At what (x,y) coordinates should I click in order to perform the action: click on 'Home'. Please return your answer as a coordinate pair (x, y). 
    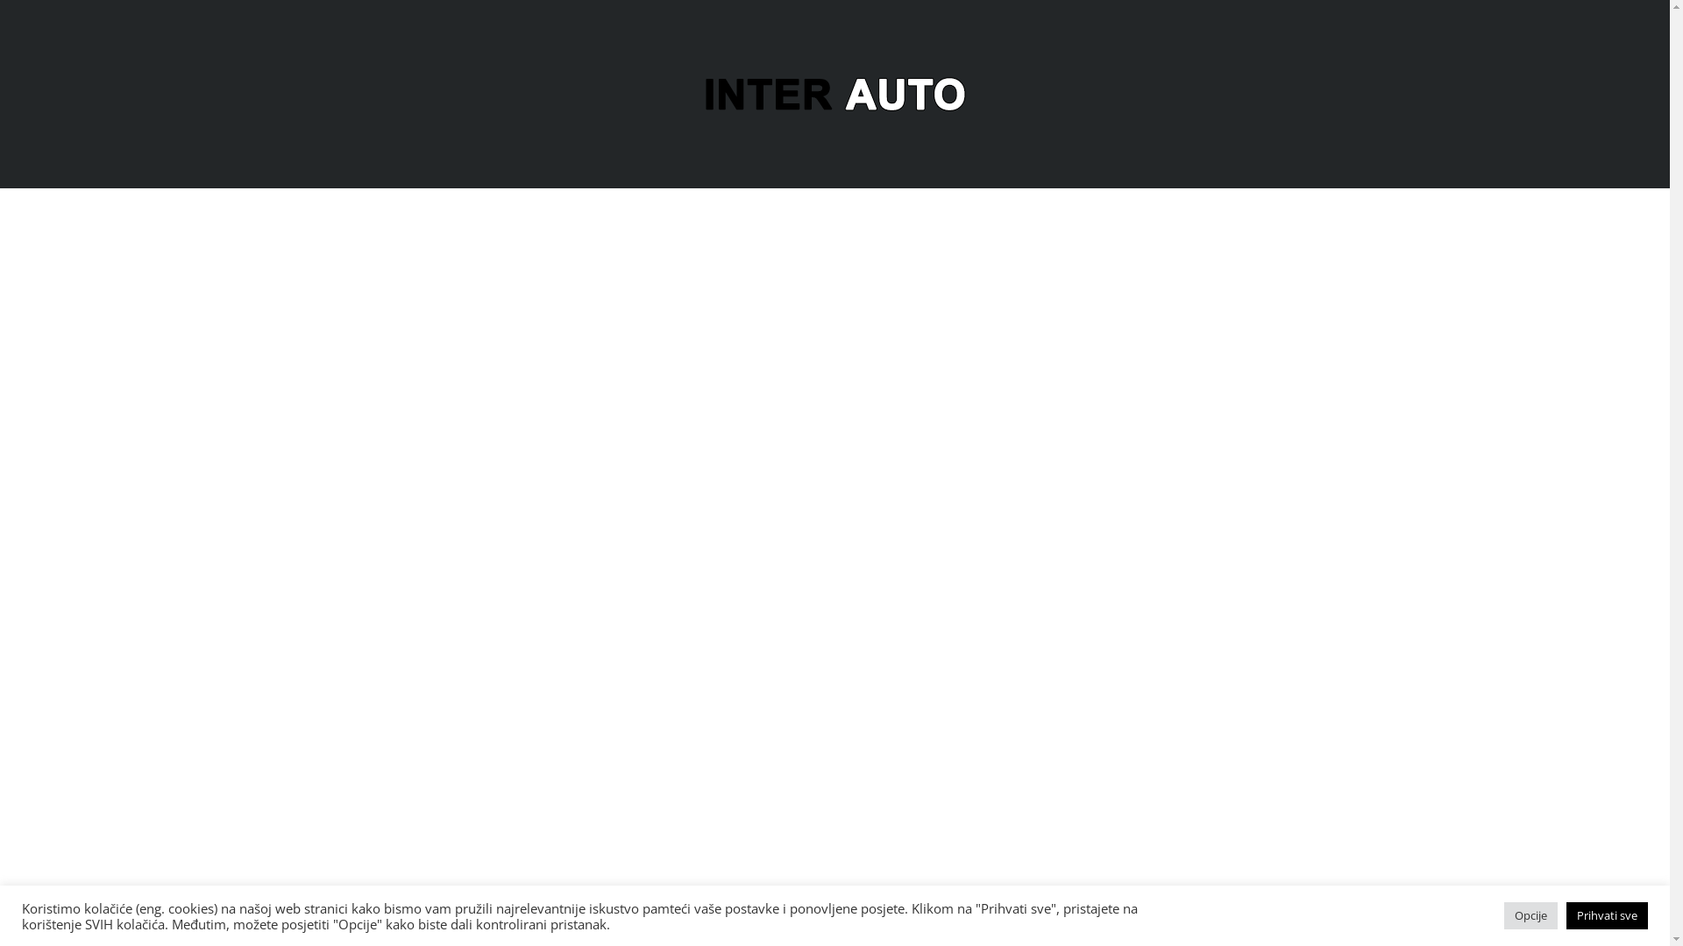
    Looking at the image, I should click on (833, 92).